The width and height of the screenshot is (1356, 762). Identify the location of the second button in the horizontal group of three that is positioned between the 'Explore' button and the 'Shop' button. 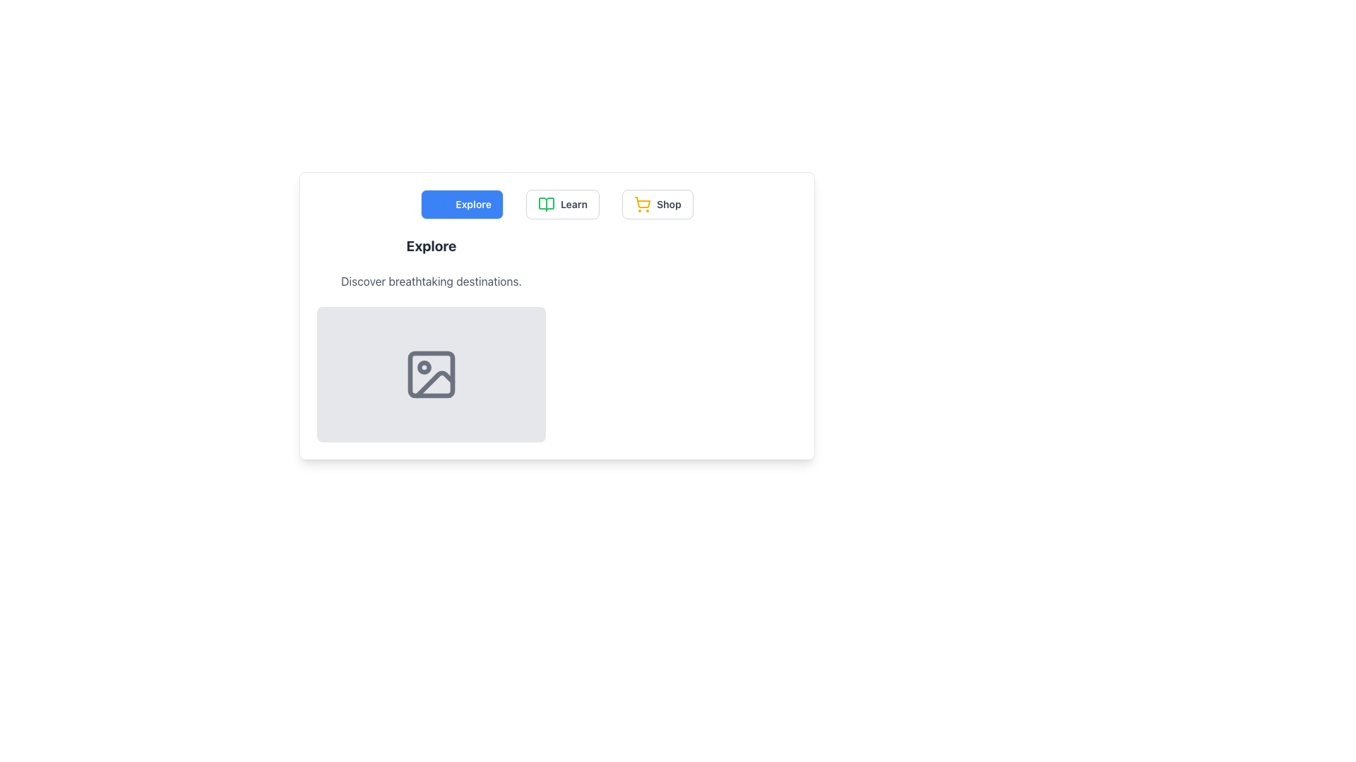
(561, 204).